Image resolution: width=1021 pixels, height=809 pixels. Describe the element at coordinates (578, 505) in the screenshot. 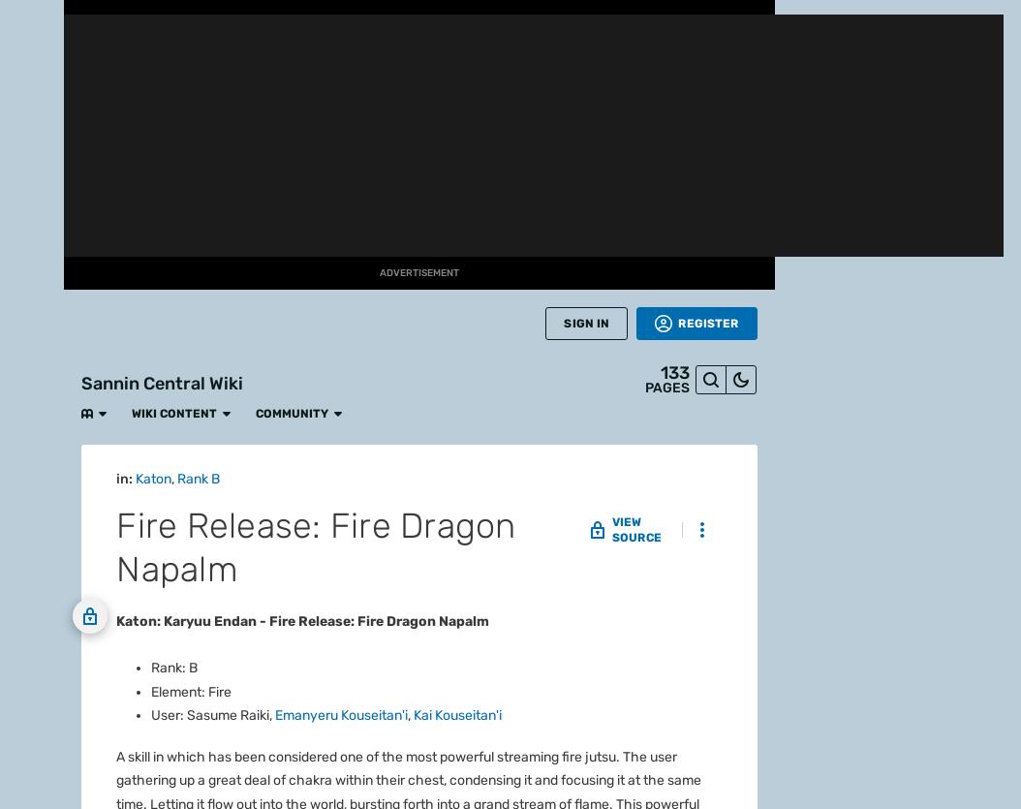

I see `'Fanatical'` at that location.